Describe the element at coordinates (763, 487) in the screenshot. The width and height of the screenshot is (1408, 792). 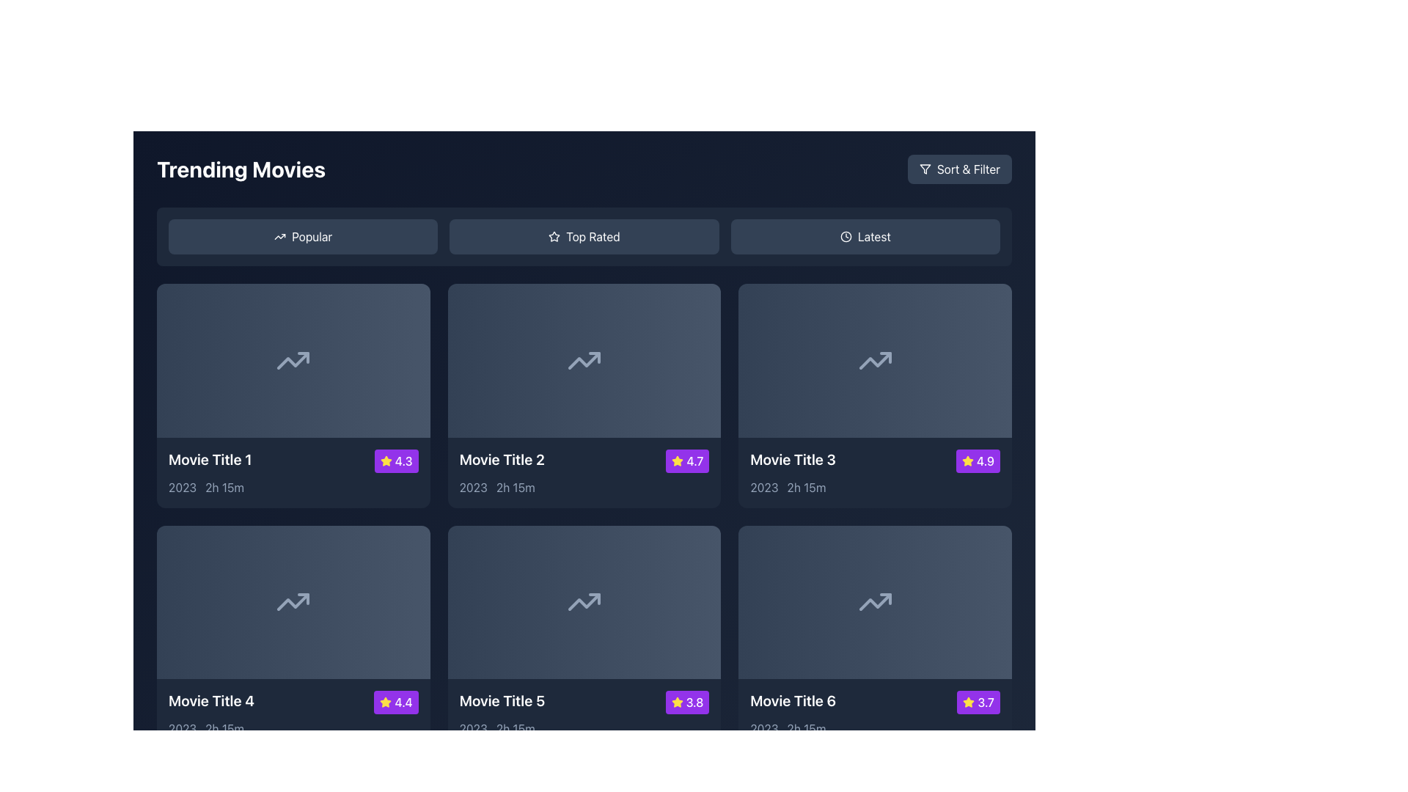
I see `the static text label displaying '2023', which is located below the title 'Movie Title 3' in the upper-right quadrant of the movie card grid` at that location.